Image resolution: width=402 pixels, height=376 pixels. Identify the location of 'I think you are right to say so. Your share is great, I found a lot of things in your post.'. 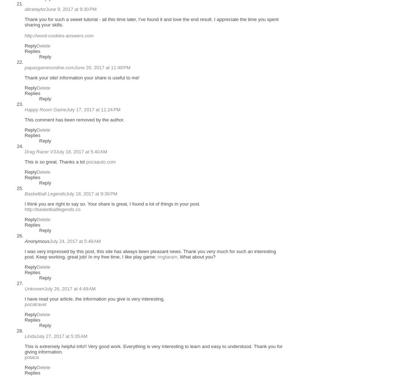
(112, 204).